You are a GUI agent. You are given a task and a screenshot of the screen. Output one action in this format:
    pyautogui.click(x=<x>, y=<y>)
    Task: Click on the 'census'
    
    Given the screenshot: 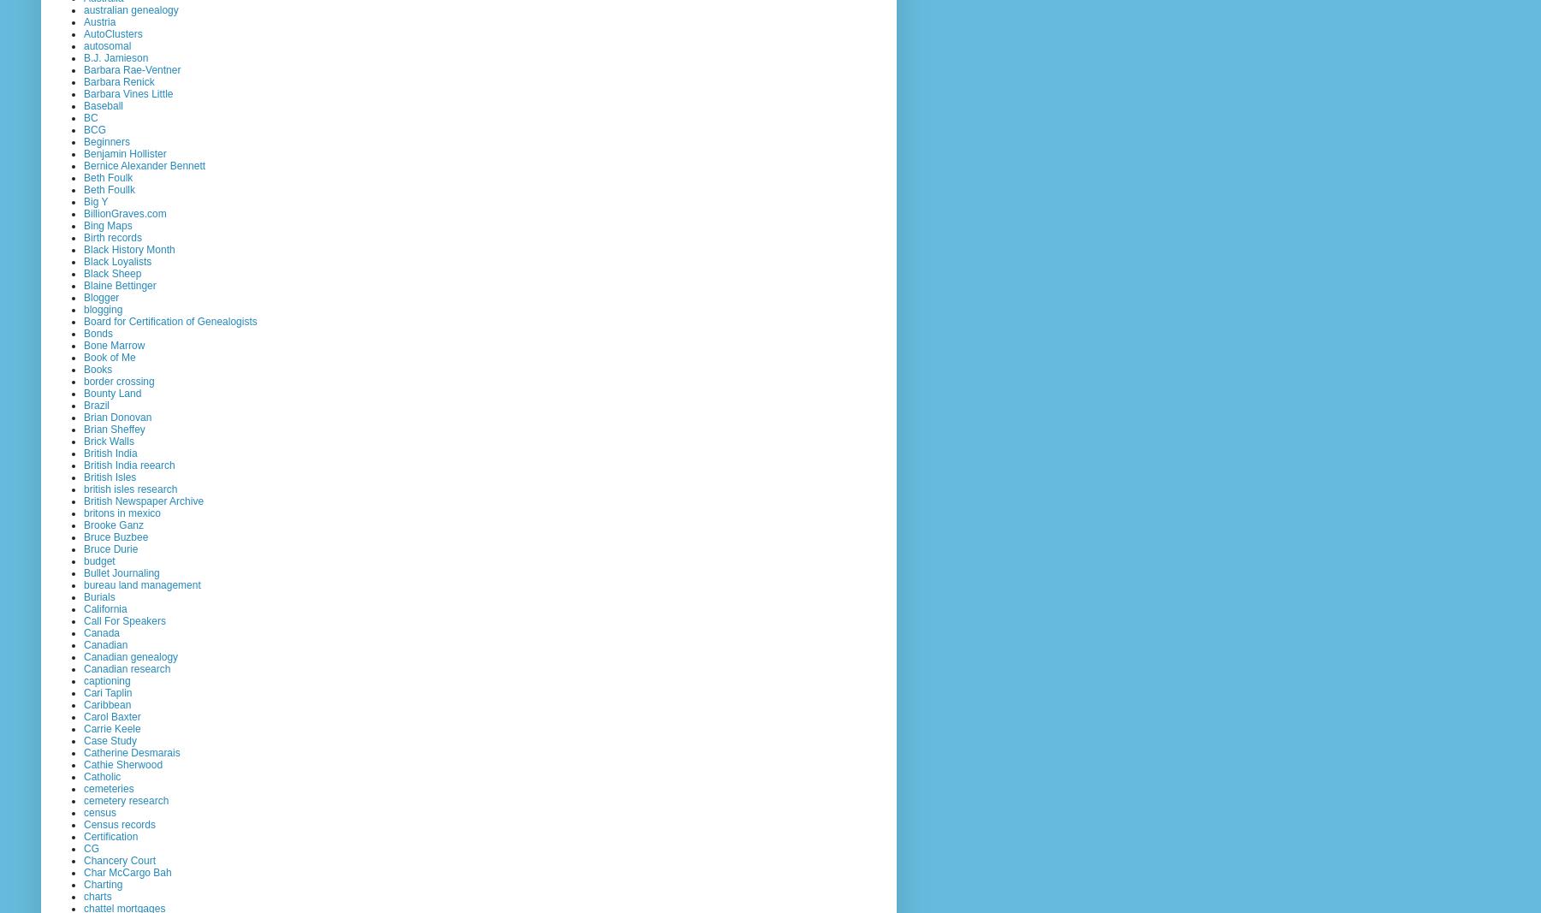 What is the action you would take?
    pyautogui.click(x=100, y=811)
    